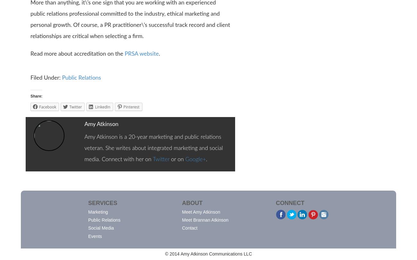 Image resolution: width=417 pixels, height=260 pixels. I want to click on 'Meet Brannan Atkinson', so click(205, 220).